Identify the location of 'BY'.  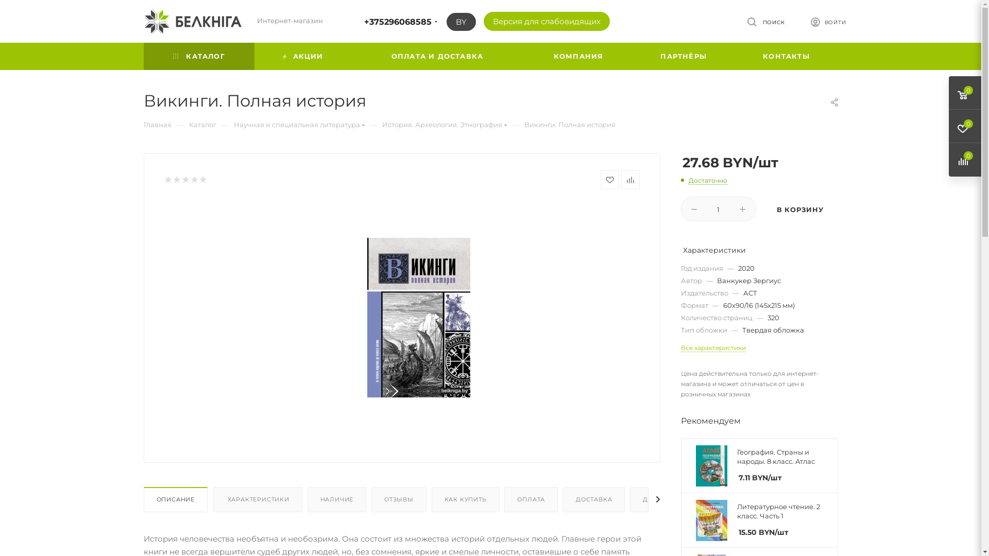
(460, 22).